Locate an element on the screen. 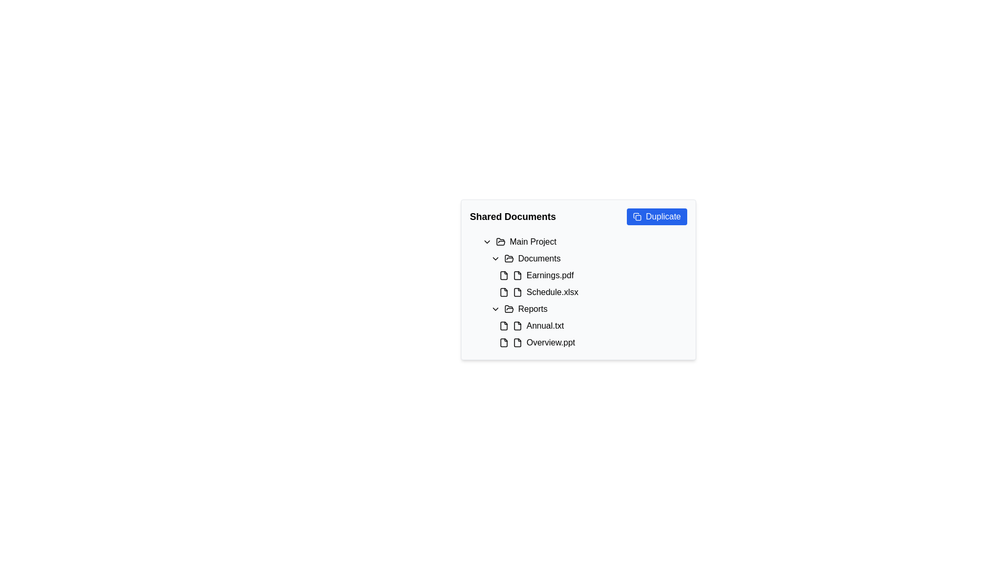 This screenshot has width=1008, height=567. the 'Documents' folder icon, which is a classic two-panel styled icon with a black stroke, located under the 'Main Project' subheading in the 'Shared Documents' navigation panel is located at coordinates (509, 258).